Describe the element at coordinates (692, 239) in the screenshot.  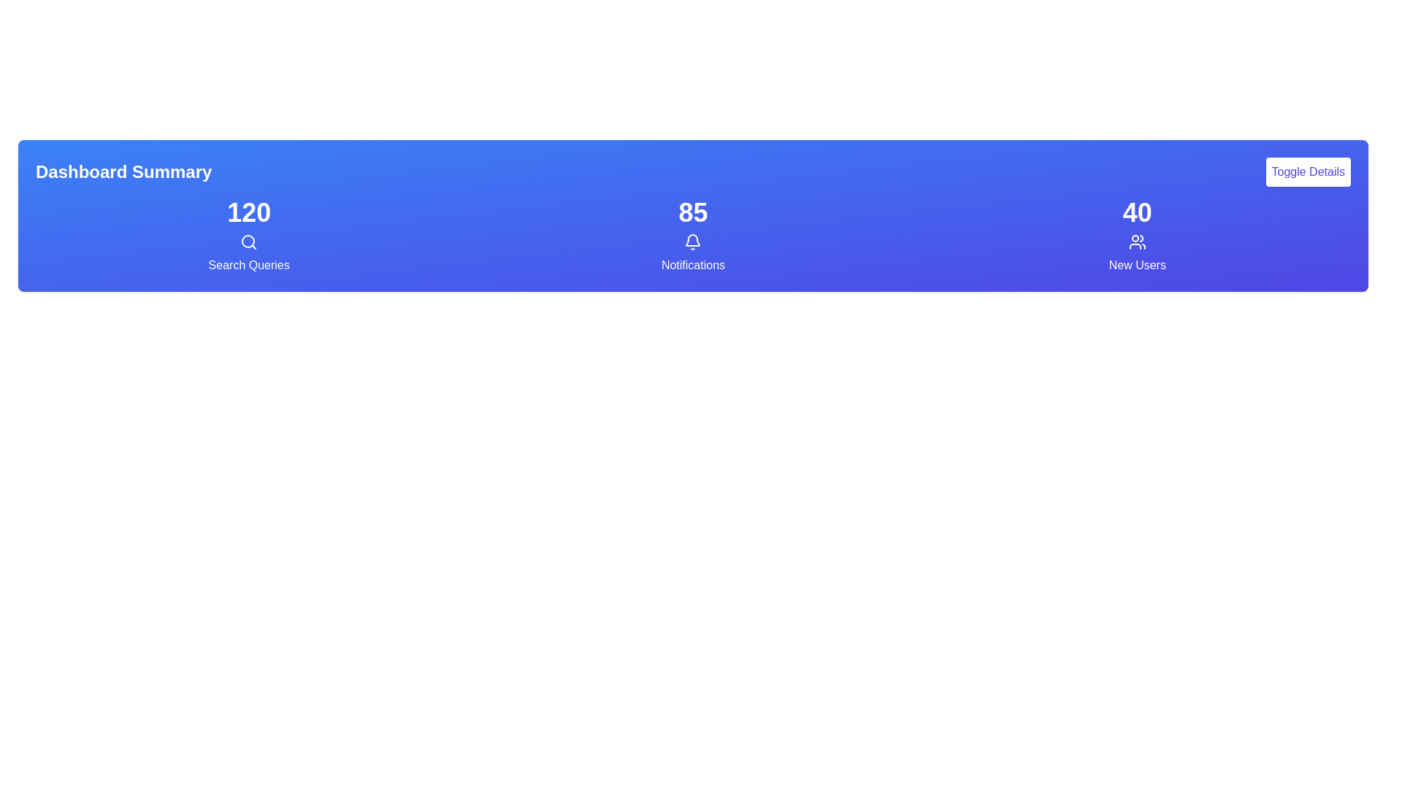
I see `the bell-shaped notification icon in the header section to interact with it` at that location.